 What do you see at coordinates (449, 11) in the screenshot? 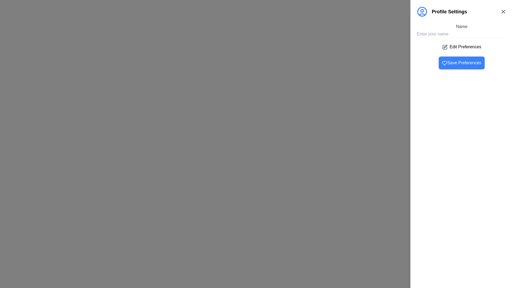
I see `the bold text label 'Profile Settings' located in the right-side panel, positioned prominently next to the blue user icon` at bounding box center [449, 11].